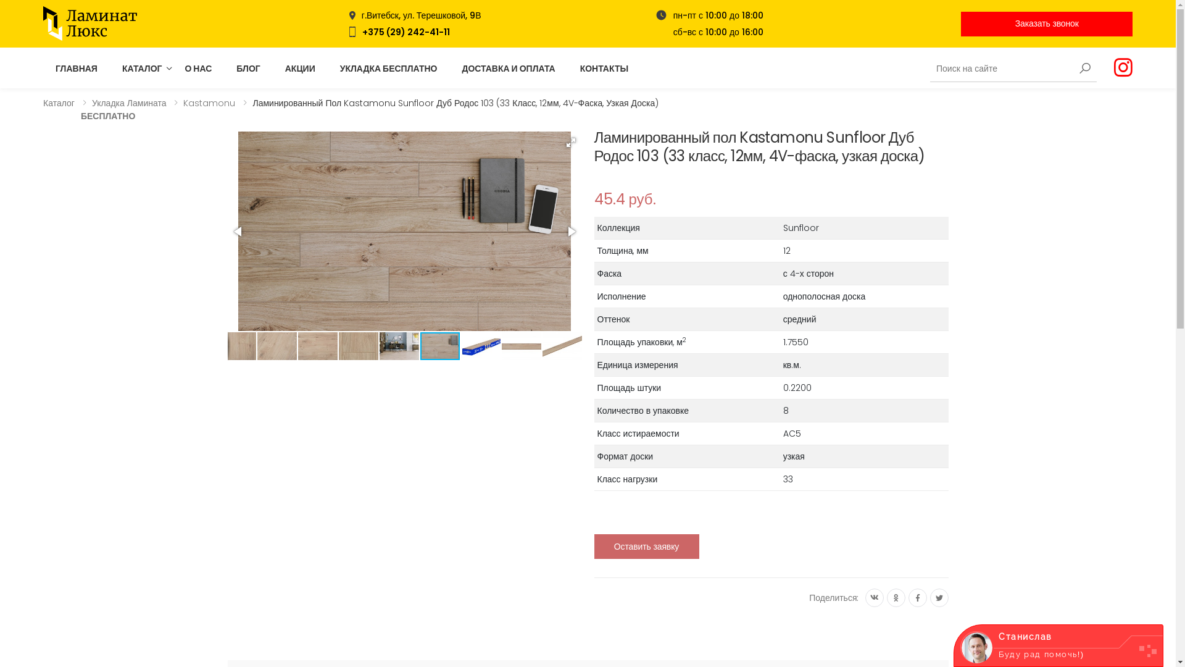  I want to click on 'Facebook', so click(918, 597).